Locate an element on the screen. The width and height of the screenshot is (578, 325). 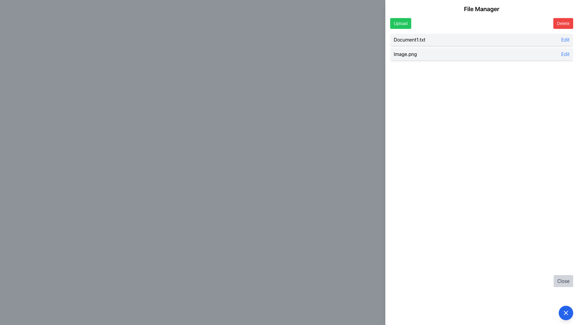
the hyperlink labeled 'Document1.txt' to underline it is located at coordinates (565, 39).